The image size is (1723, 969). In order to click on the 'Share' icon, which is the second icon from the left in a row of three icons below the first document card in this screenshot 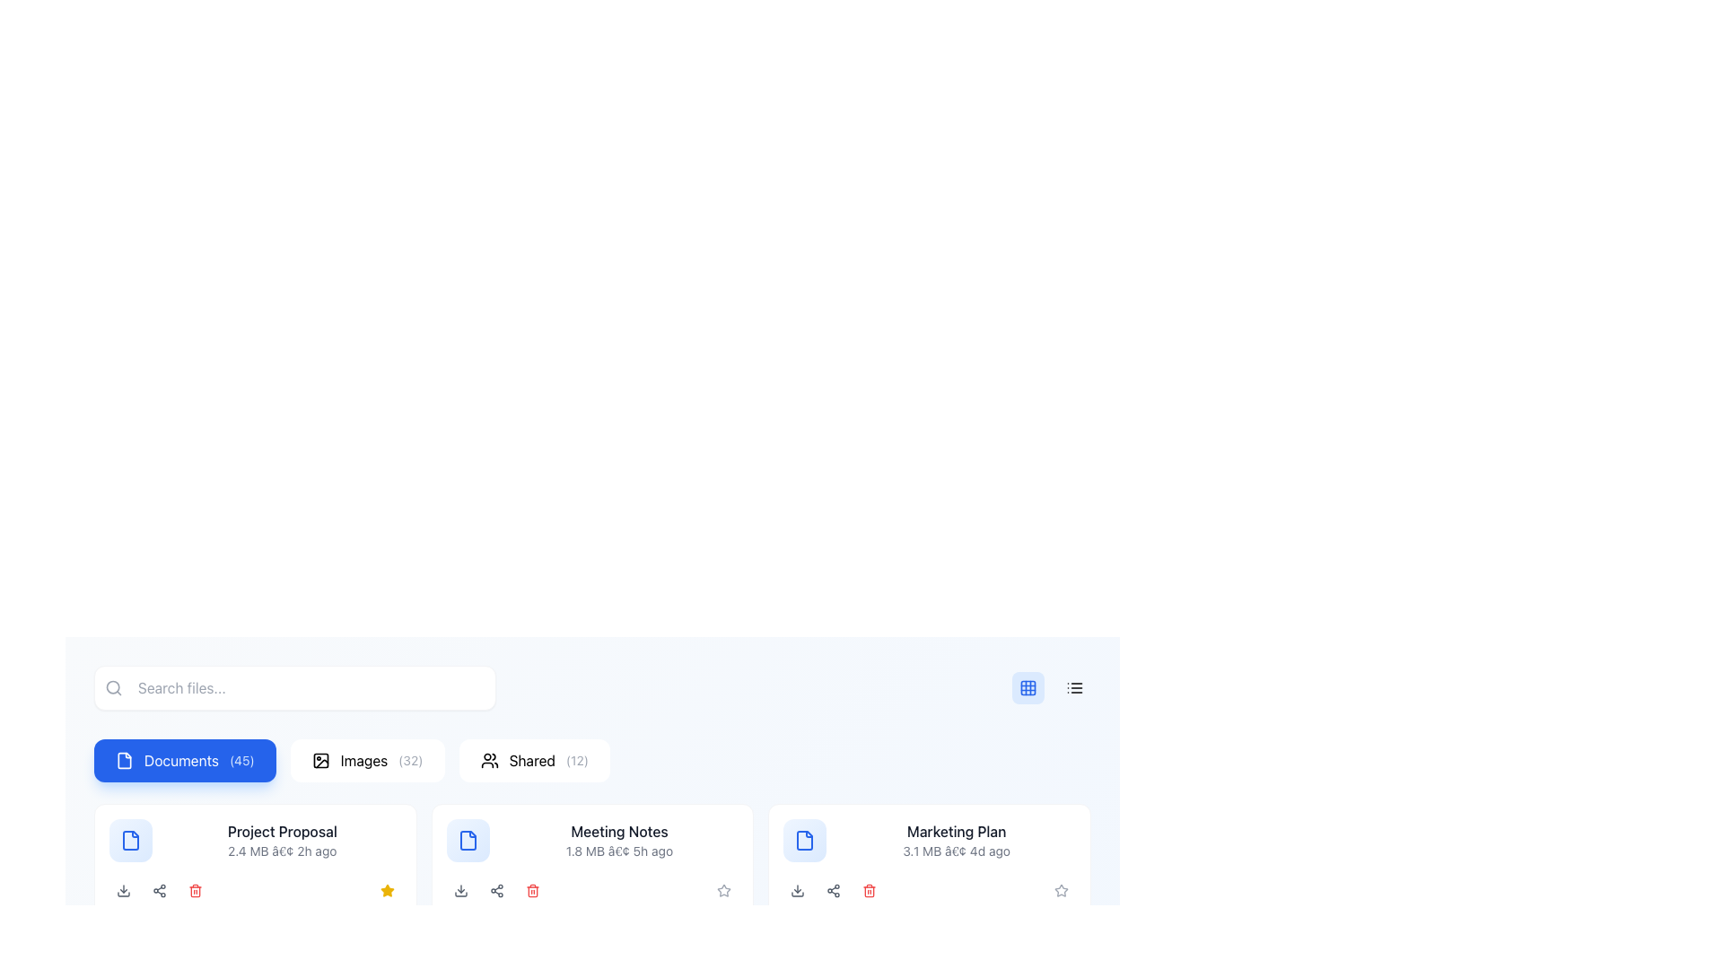, I will do `click(159, 890)`.